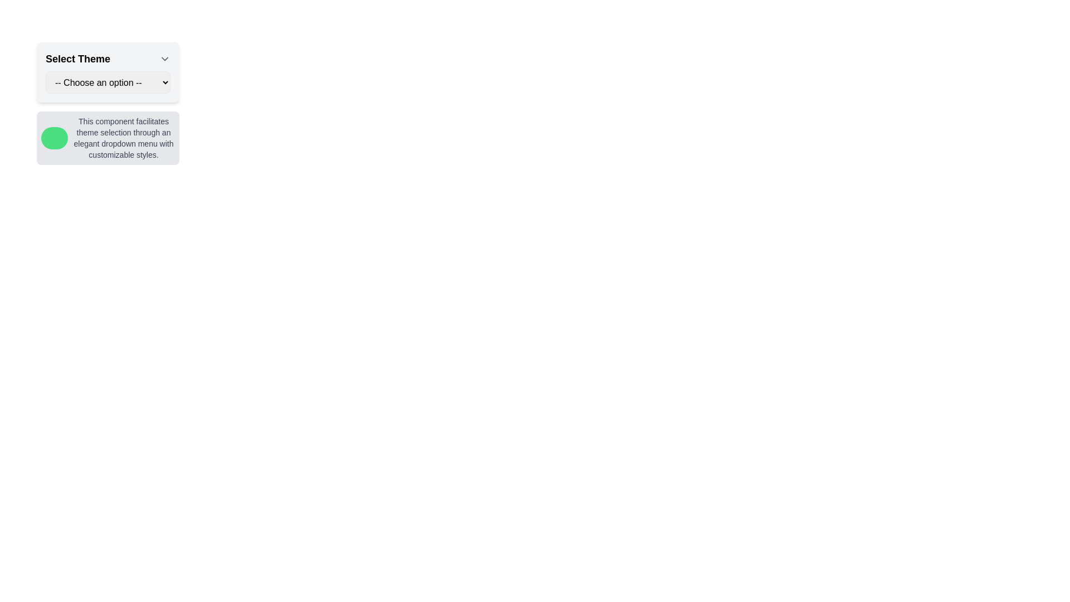  Describe the element at coordinates (164, 59) in the screenshot. I see `the downward-pointing chevron icon next to 'Select Theme' to potentially trigger a tooltip` at that location.